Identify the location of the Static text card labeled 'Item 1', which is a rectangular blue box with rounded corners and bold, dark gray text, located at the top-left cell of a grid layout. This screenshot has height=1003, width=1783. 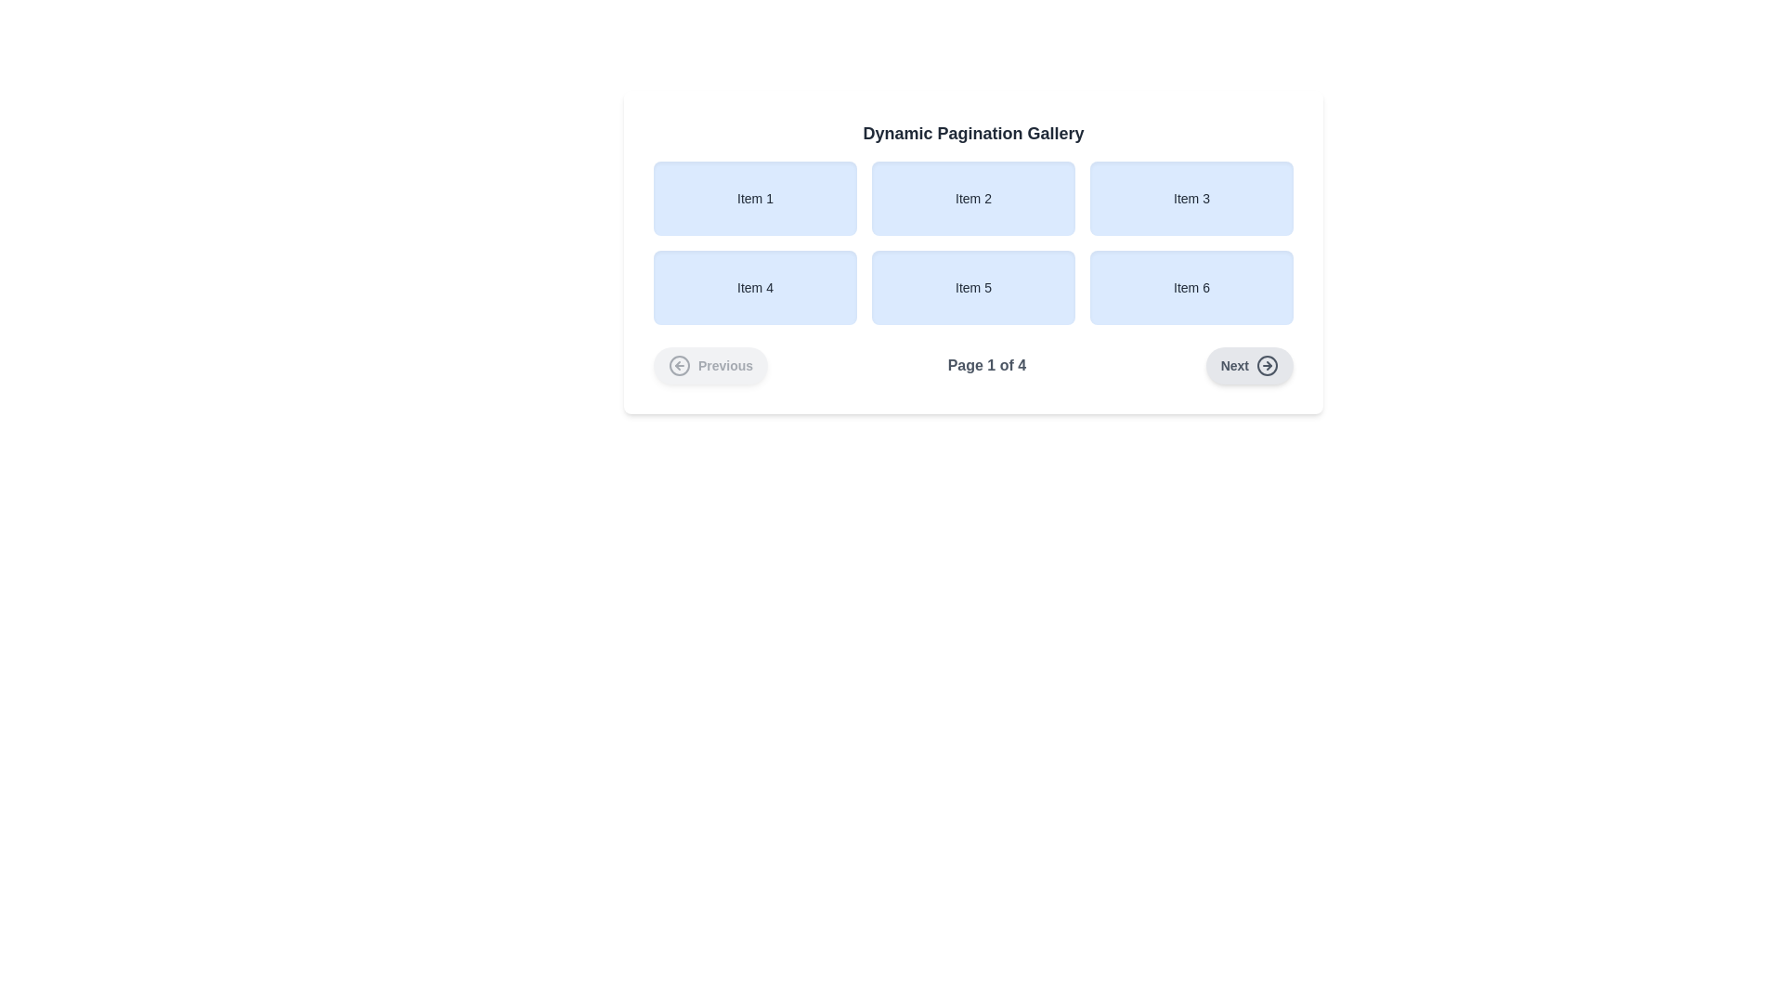
(755, 198).